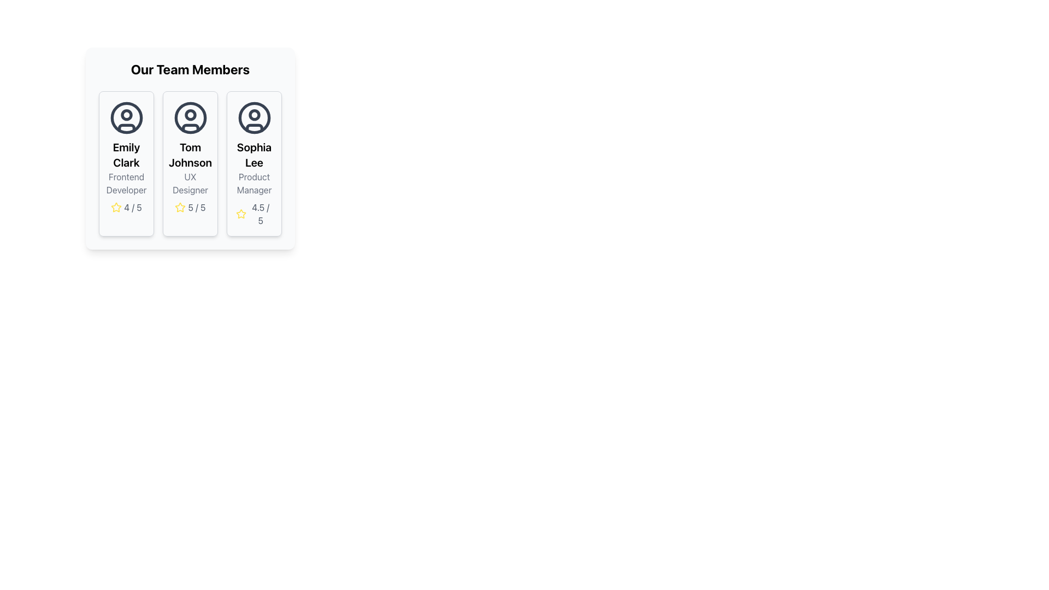 The width and height of the screenshot is (1049, 590). I want to click on the 'Emily Clark' text label, which is styled in bold and larger font, centrally aligned beneath the user profile icon and above the designation 'Frontend Developer', so click(126, 155).